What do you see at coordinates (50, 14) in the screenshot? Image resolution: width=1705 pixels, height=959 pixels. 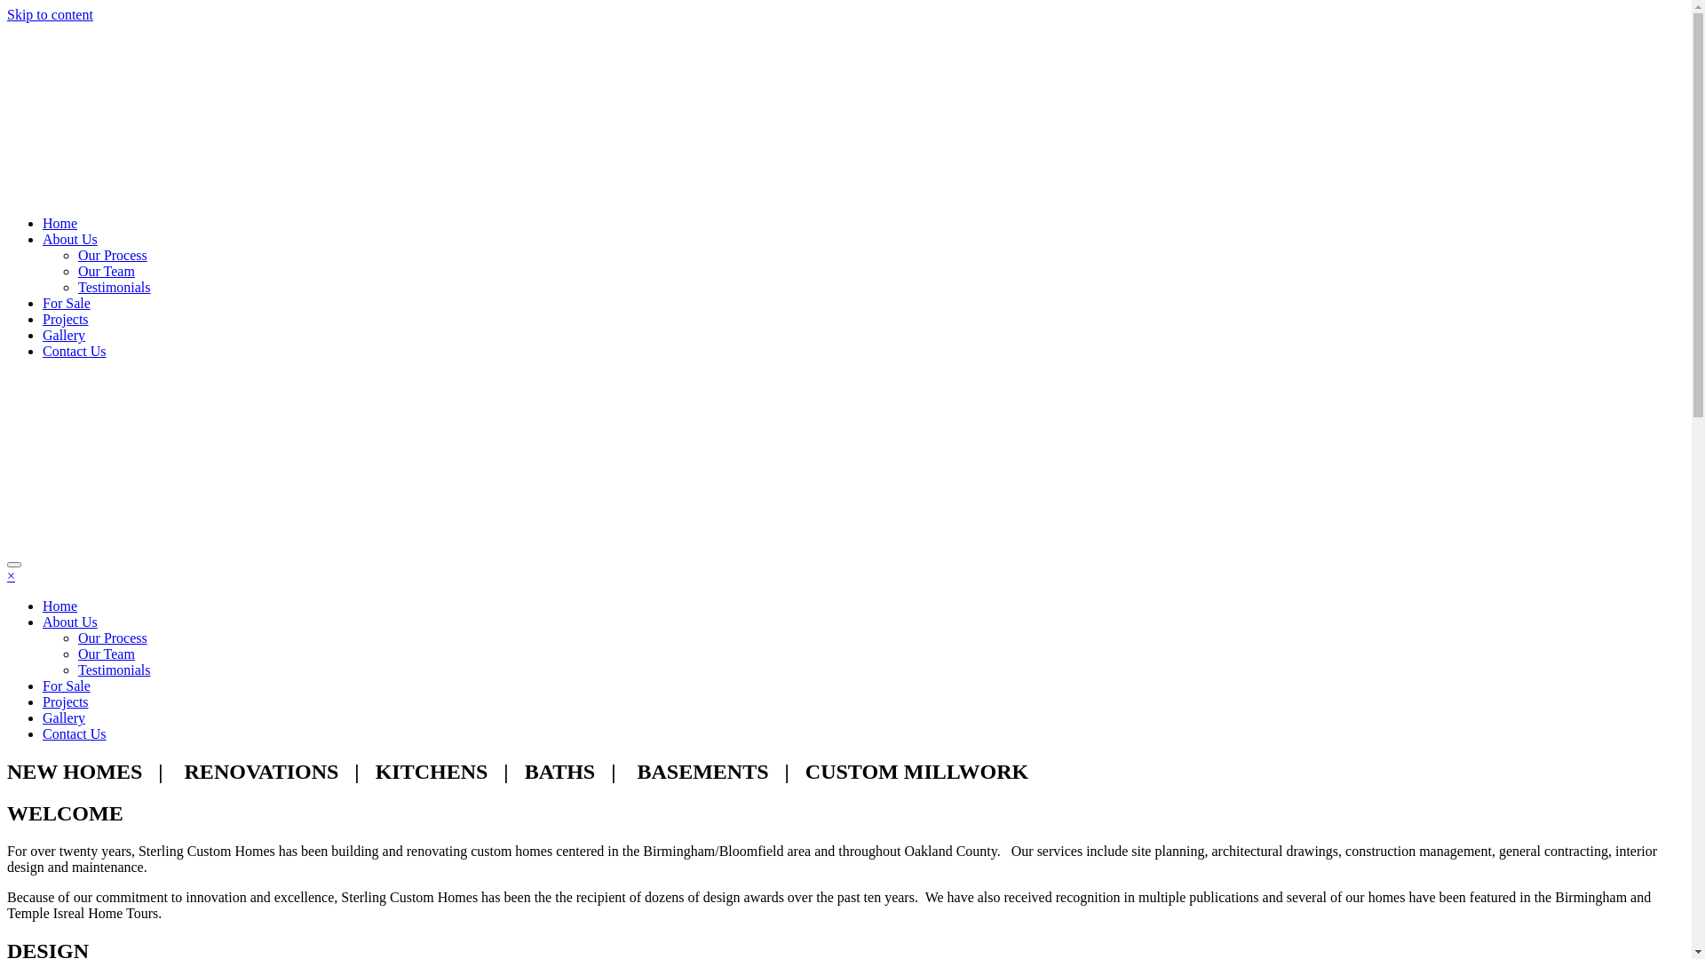 I see `'Skip to content'` at bounding box center [50, 14].